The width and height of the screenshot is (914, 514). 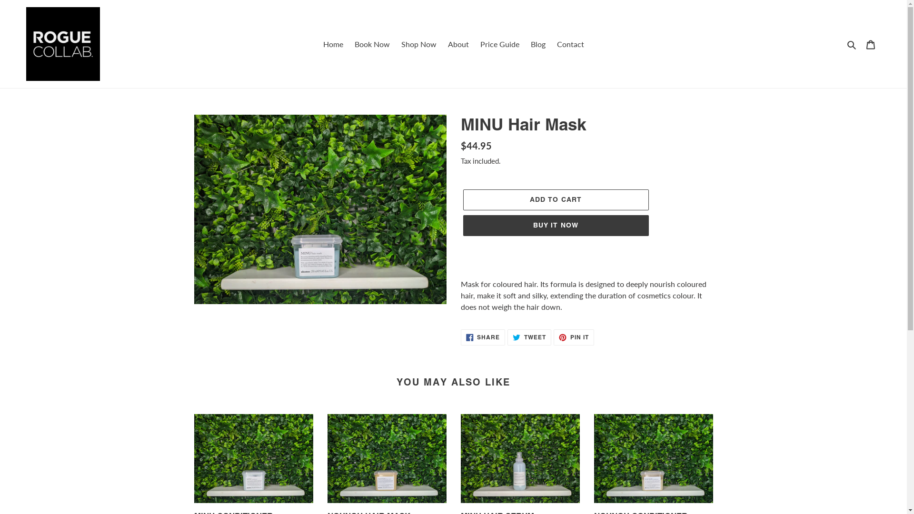 What do you see at coordinates (870, 44) in the screenshot?
I see `'Cart'` at bounding box center [870, 44].